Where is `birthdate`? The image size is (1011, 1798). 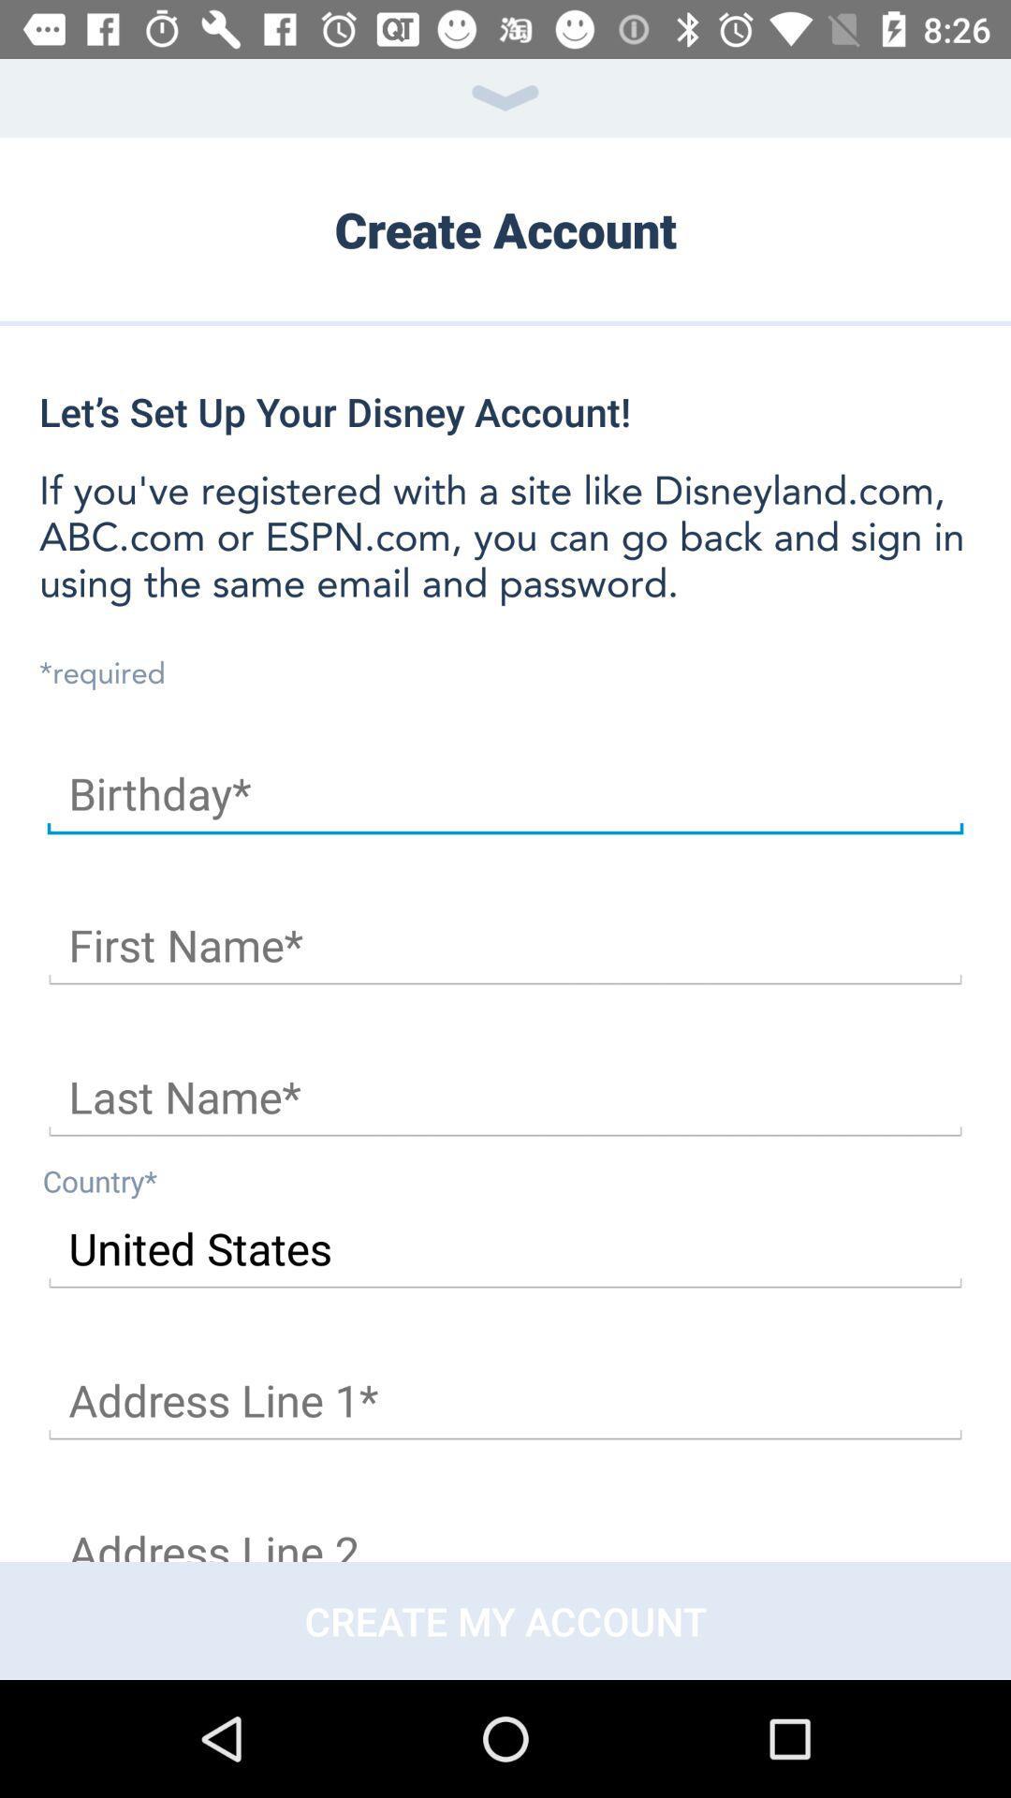 birthdate is located at coordinates (505, 794).